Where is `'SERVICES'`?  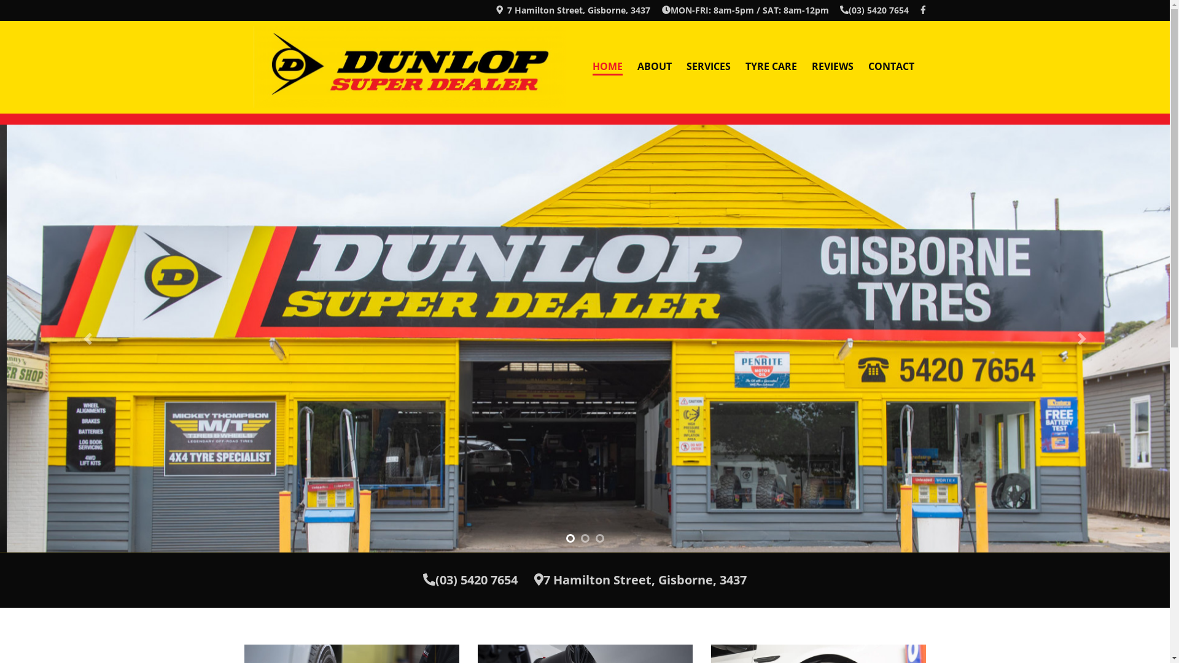 'SERVICES' is located at coordinates (678, 67).